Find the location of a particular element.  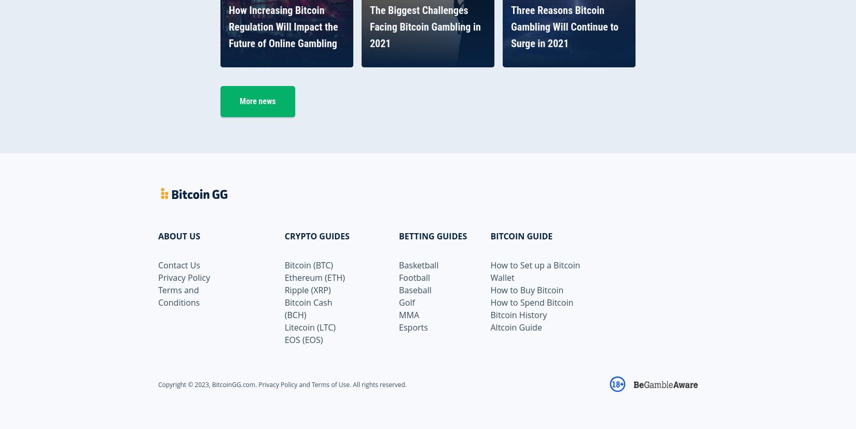

'Football' is located at coordinates (398, 276).